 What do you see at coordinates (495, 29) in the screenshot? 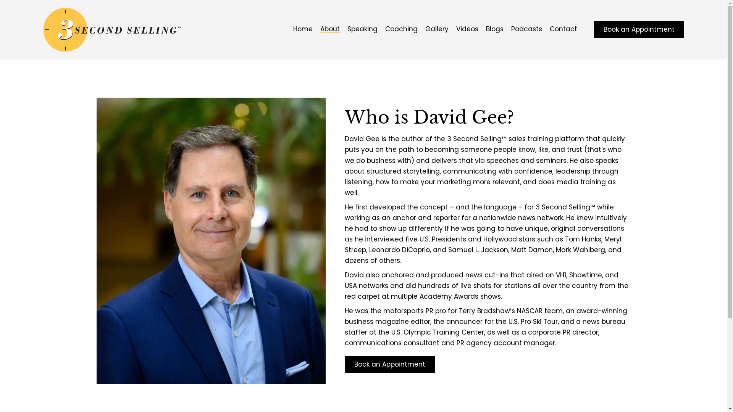
I see `'Blogs'` at bounding box center [495, 29].